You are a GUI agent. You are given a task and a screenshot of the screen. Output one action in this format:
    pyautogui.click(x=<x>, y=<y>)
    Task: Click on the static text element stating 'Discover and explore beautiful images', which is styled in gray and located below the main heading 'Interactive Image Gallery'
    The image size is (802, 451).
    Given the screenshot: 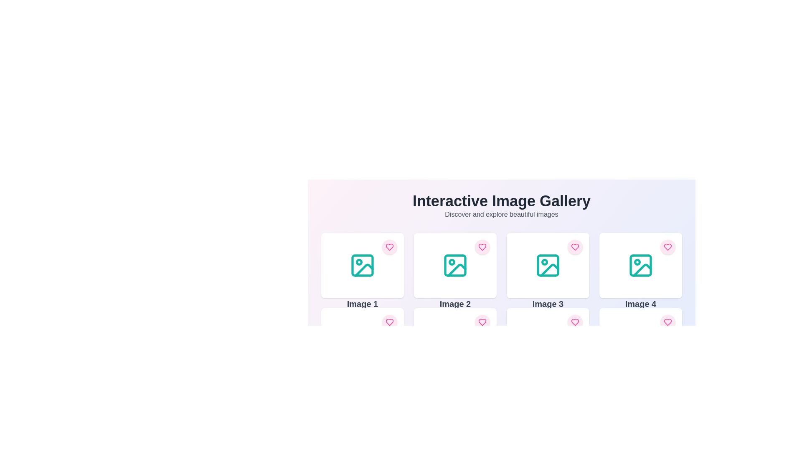 What is the action you would take?
    pyautogui.click(x=501, y=214)
    